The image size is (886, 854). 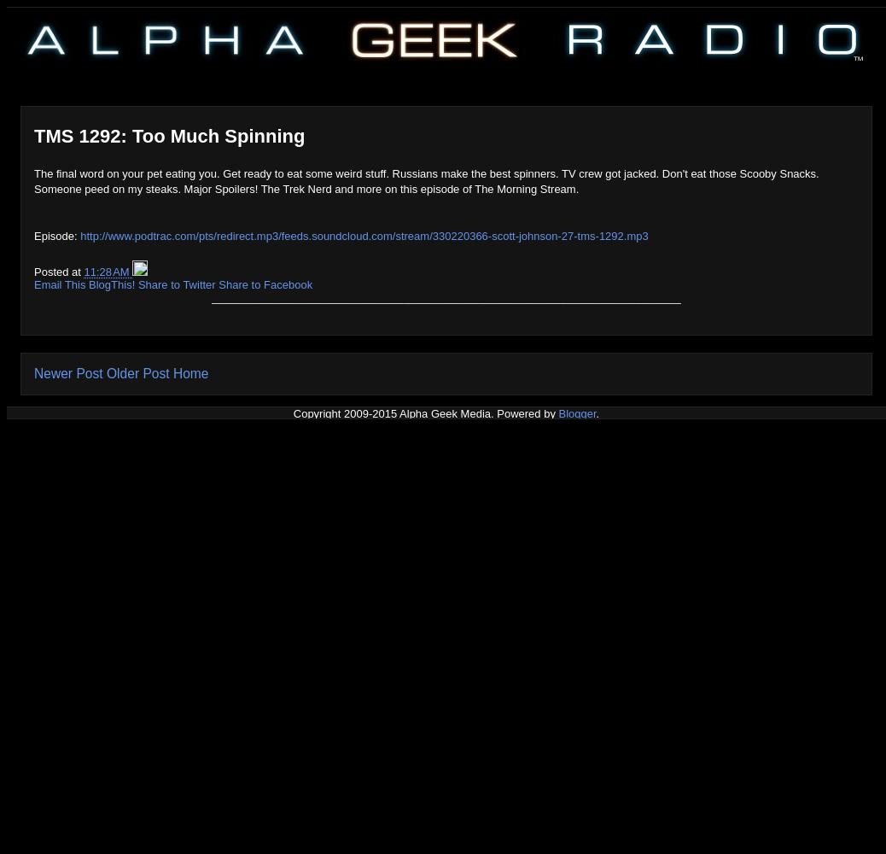 I want to click on 'Share to Twitter', so click(x=177, y=284).